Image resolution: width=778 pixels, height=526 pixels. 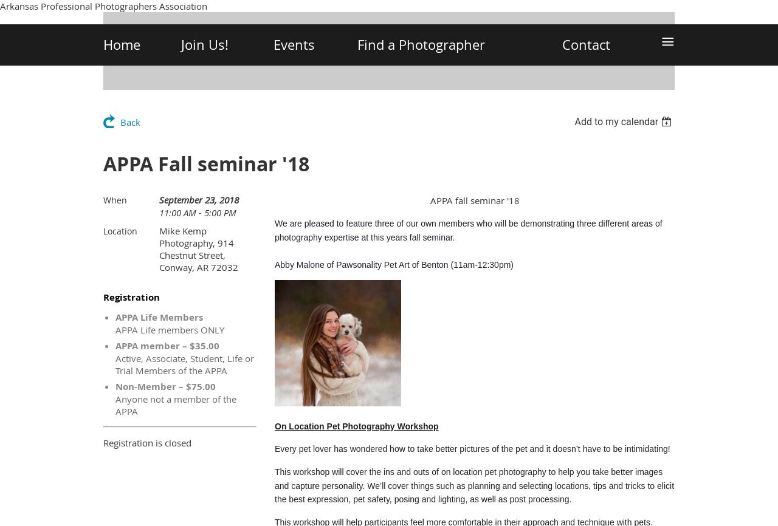 I want to click on 'APPA fall seminar '18', so click(x=473, y=200).